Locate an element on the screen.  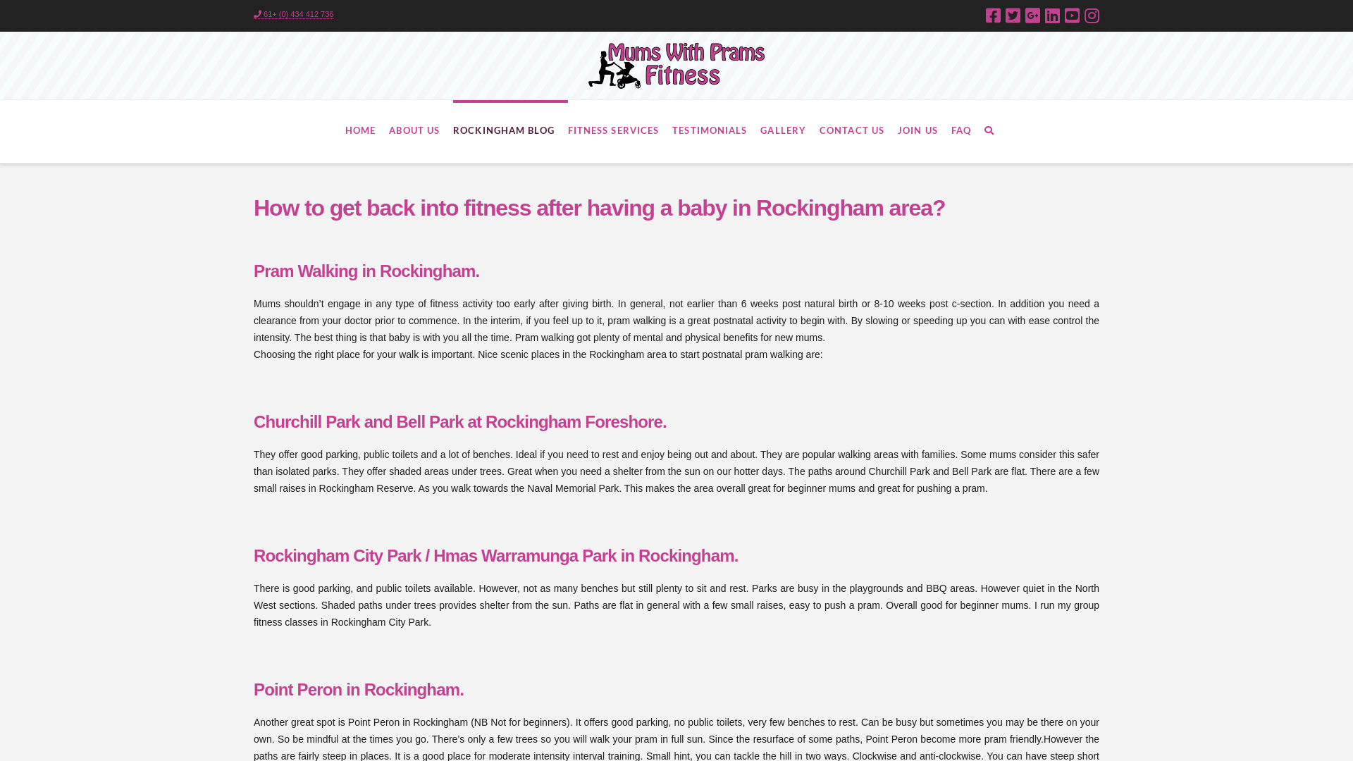
'FITNESS SERVICES' is located at coordinates (620, 131).